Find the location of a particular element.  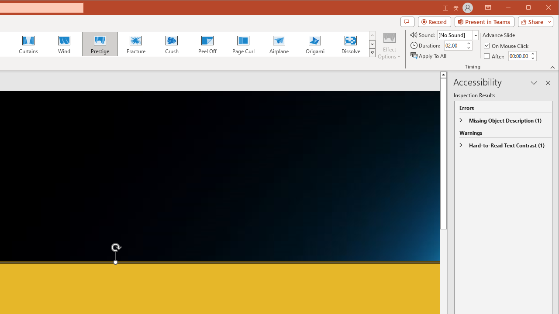

'Origami' is located at coordinates (314, 44).